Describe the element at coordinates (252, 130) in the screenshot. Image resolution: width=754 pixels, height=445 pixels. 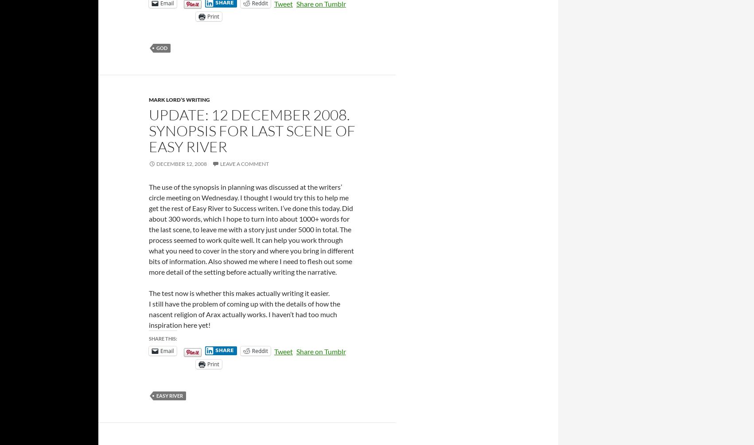
I see `'Update: 12 December 2008. Synopsis for last scene of Easy River'` at that location.